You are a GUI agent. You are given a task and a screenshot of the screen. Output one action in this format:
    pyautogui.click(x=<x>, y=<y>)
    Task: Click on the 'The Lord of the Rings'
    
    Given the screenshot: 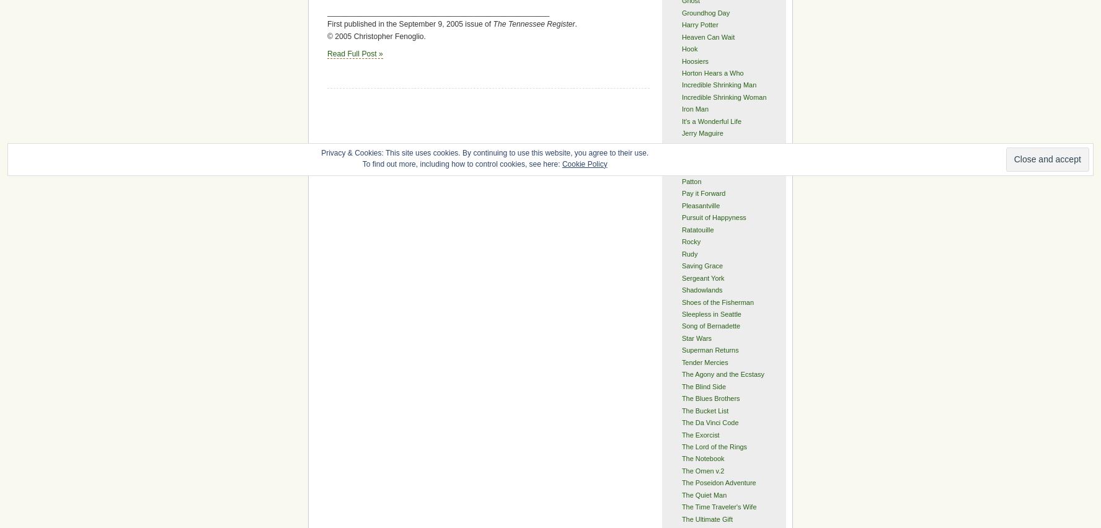 What is the action you would take?
    pyautogui.click(x=680, y=446)
    